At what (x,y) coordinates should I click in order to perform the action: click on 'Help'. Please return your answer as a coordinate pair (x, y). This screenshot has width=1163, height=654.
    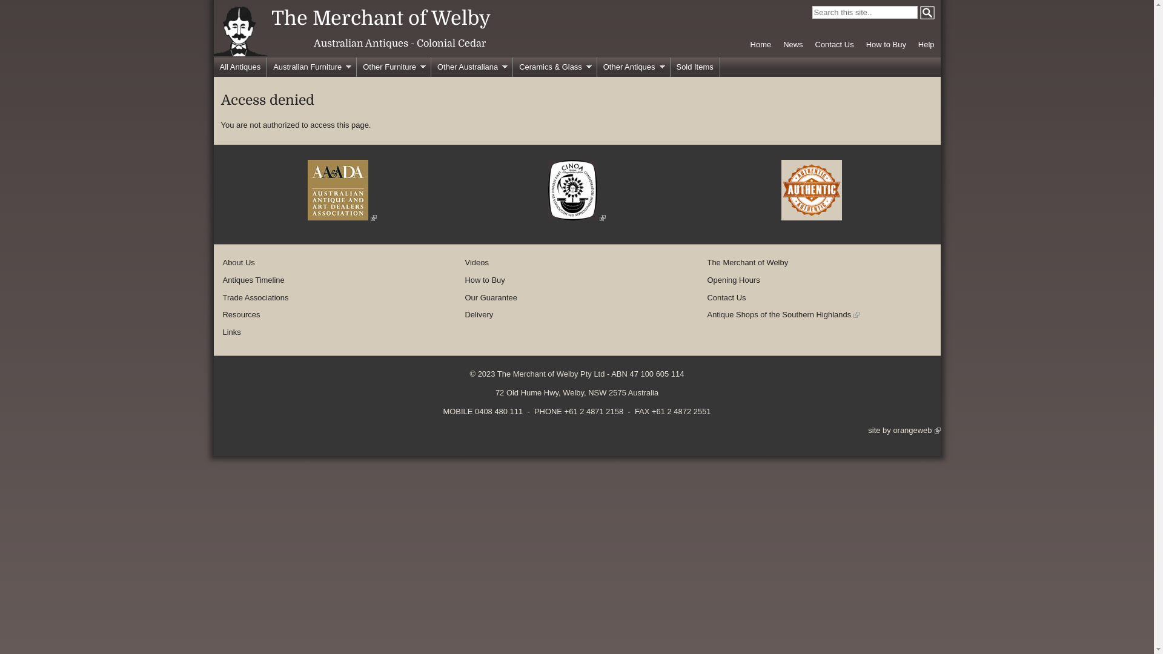
    Looking at the image, I should click on (926, 44).